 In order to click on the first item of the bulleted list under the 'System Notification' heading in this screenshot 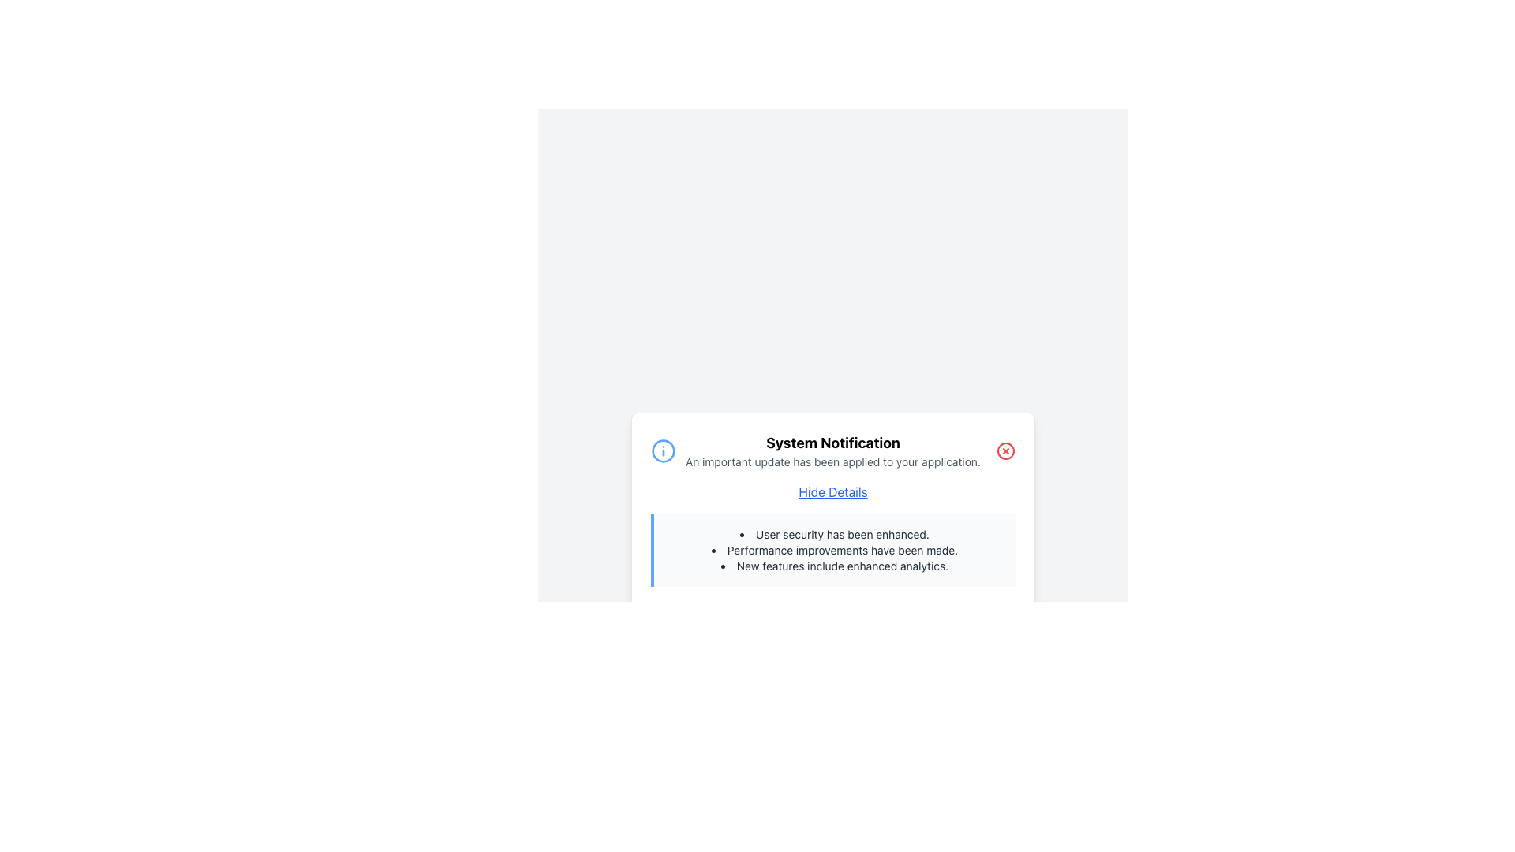, I will do `click(833, 534)`.